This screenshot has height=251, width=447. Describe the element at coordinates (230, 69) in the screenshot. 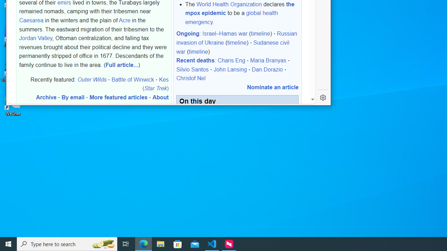

I see `'John Lansing'` at that location.